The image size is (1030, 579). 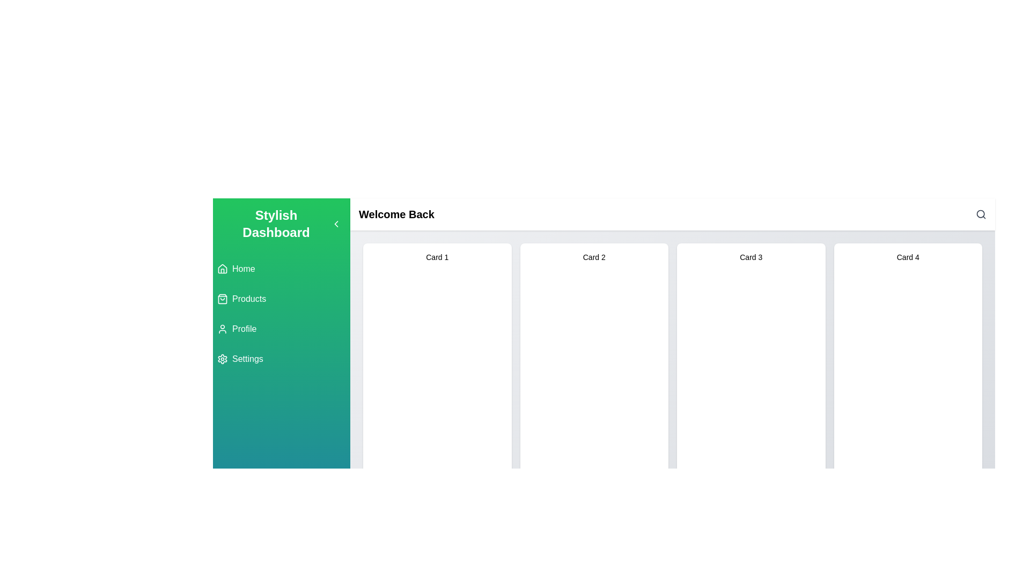 I want to click on the button for navigating to the previous view in the header bar, located at the top-right corner of the green area of the sidebar, so click(x=336, y=223).